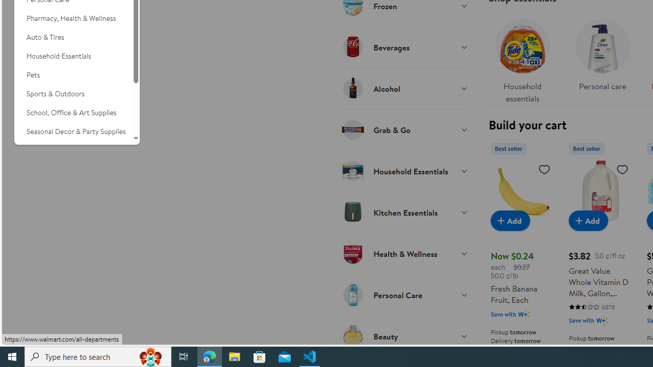 This screenshot has width=653, height=367. I want to click on 'Household essentials', so click(522, 58).